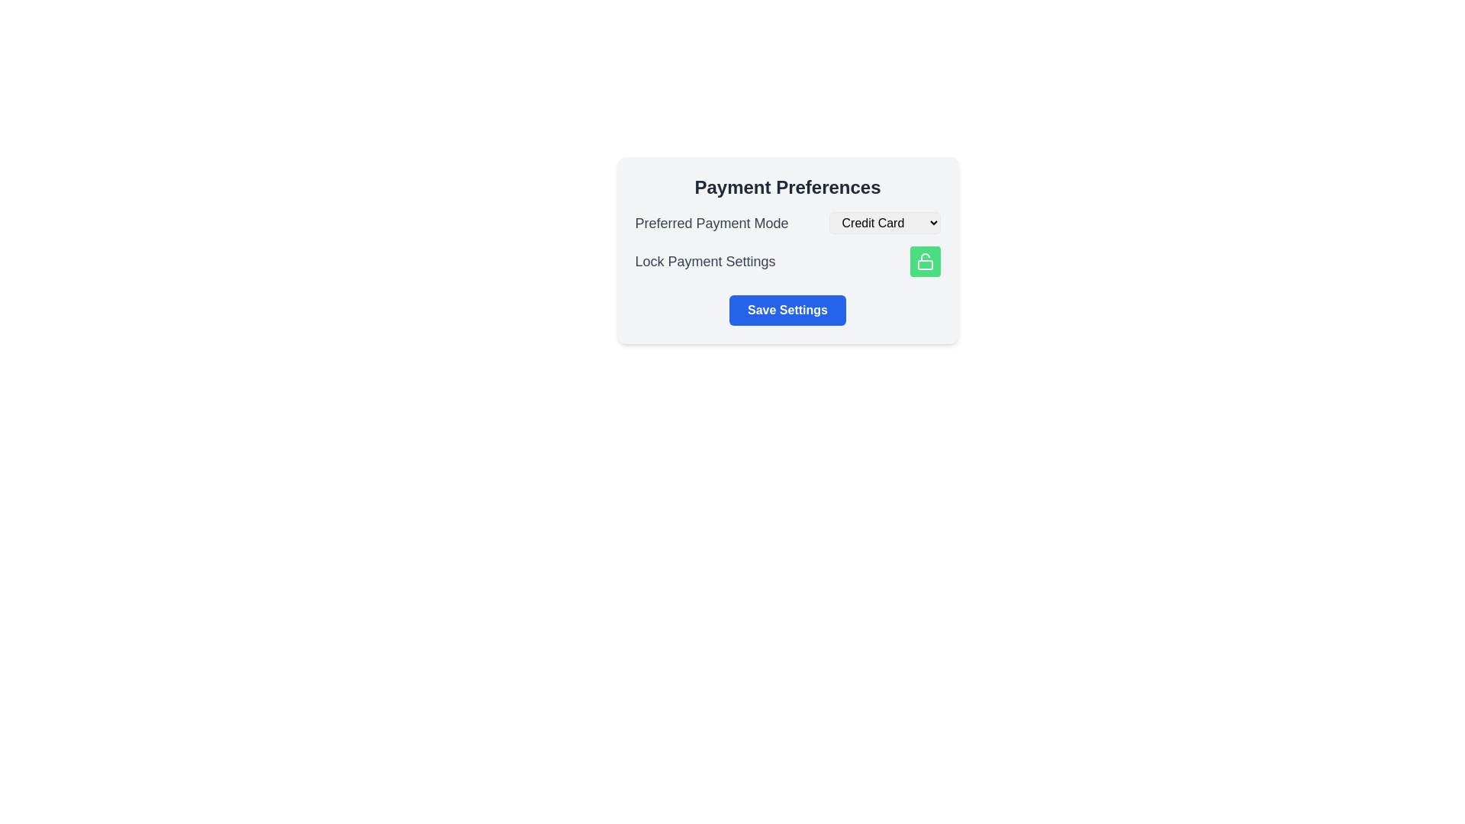 The image size is (1465, 824). I want to click on the green circular button with a white open lock icon in the 'Lock Payment Settings' section, so click(924, 261).